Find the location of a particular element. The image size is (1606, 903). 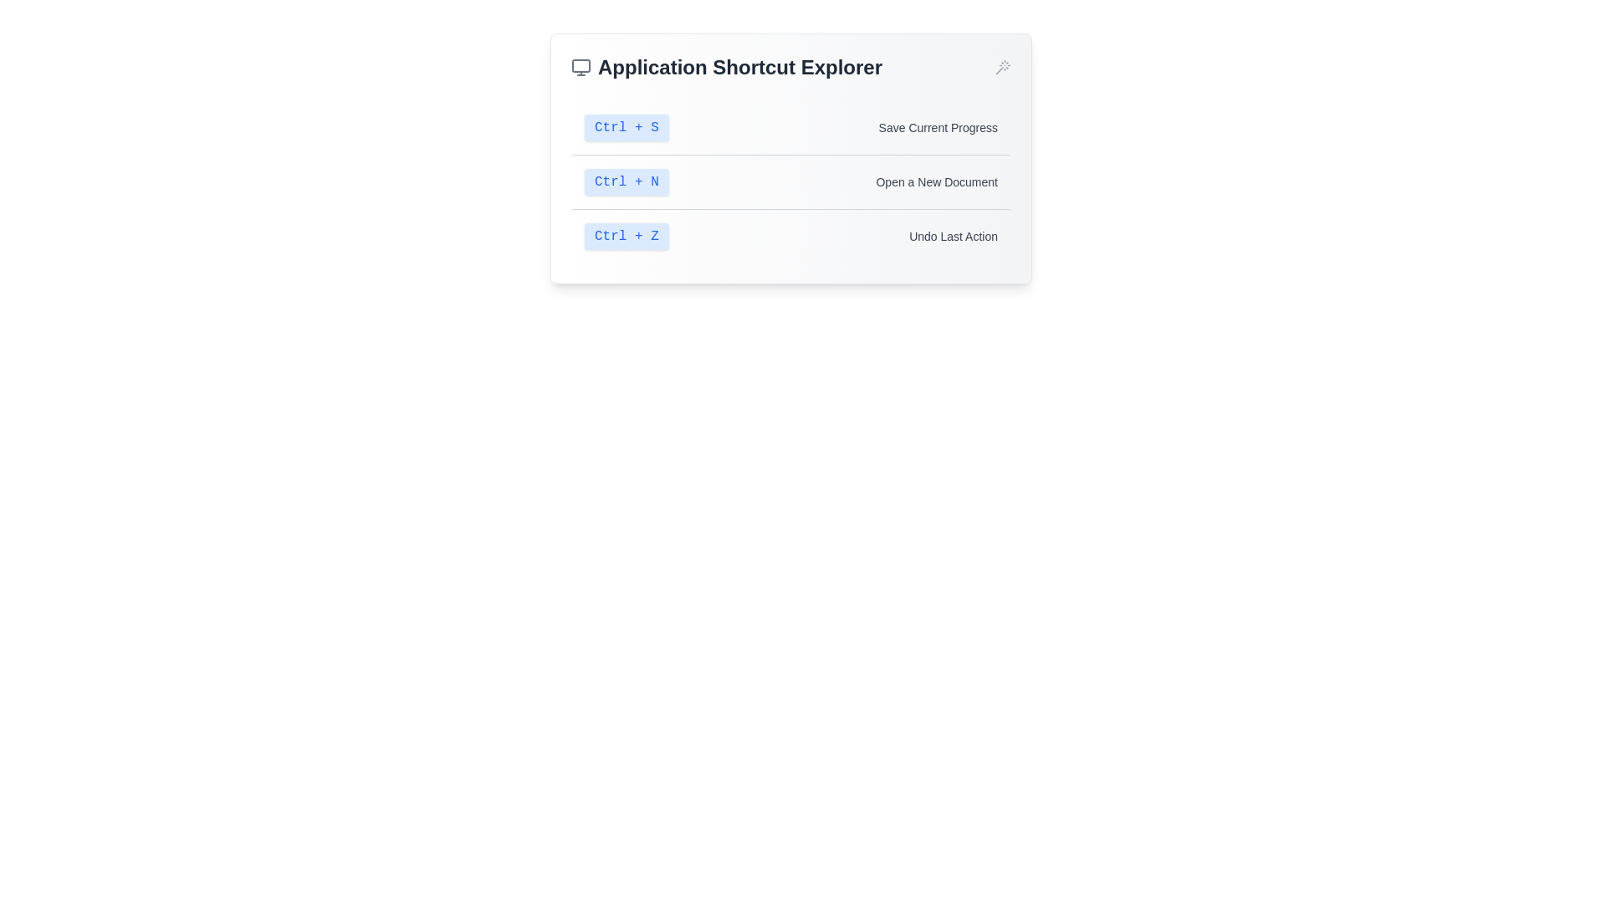

the decorative graphical element that forms part of the monitor icon located in the upper left corner of the application layout is located at coordinates (581, 64).